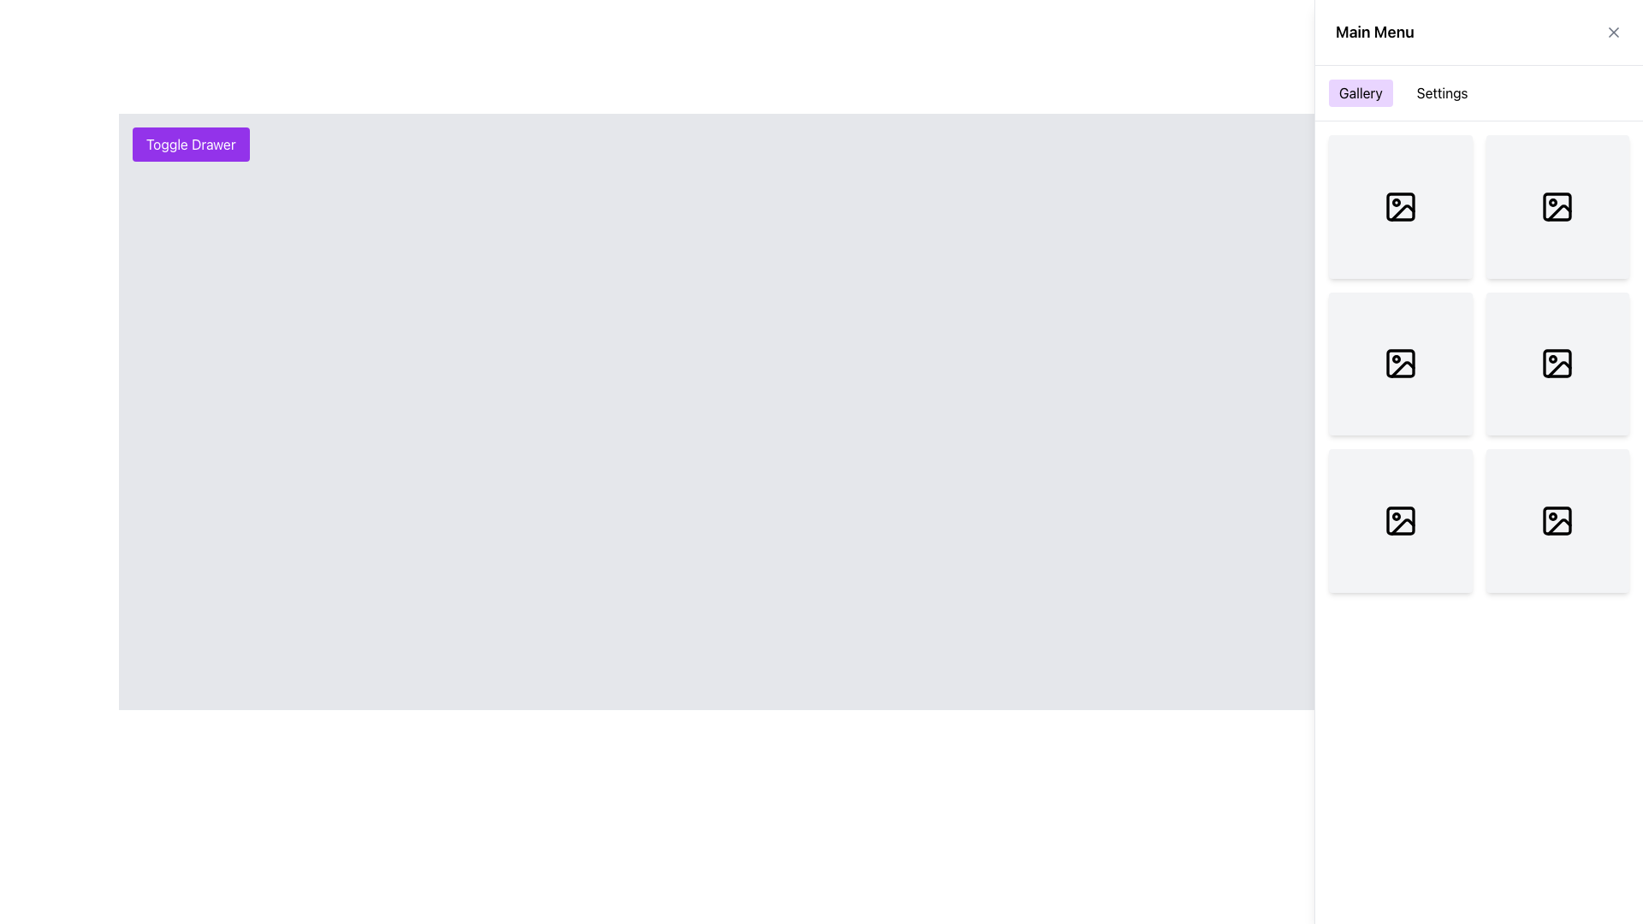  I want to click on the Image Placeholder located in the second row and first column of the grid layout, so click(1400, 363).